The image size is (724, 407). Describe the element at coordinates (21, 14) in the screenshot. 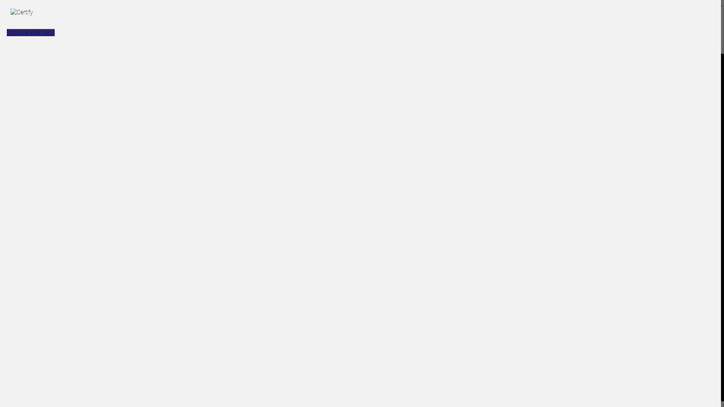

I see `'Certify'` at that location.